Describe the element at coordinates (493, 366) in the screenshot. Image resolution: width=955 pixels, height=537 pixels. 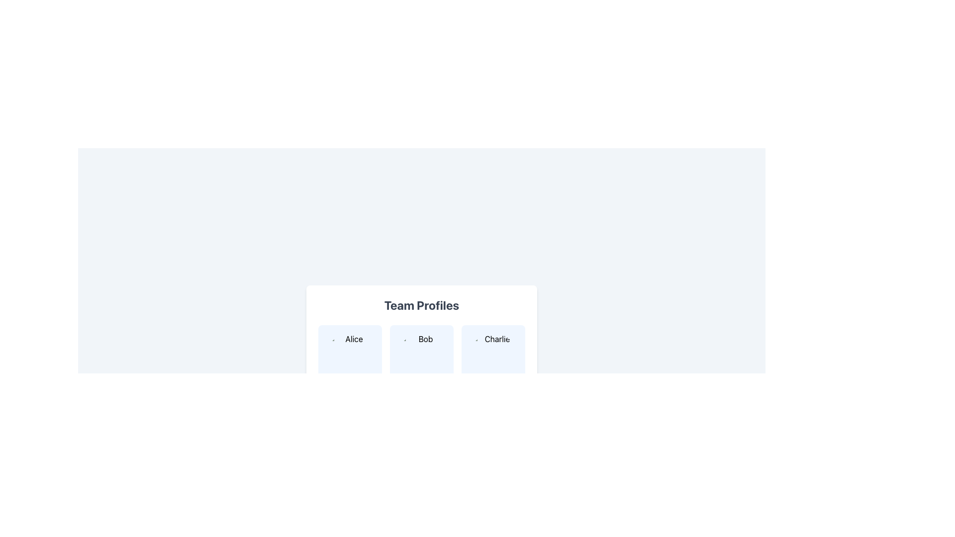
I see `the third Profile card in the horizontal grid layout` at that location.